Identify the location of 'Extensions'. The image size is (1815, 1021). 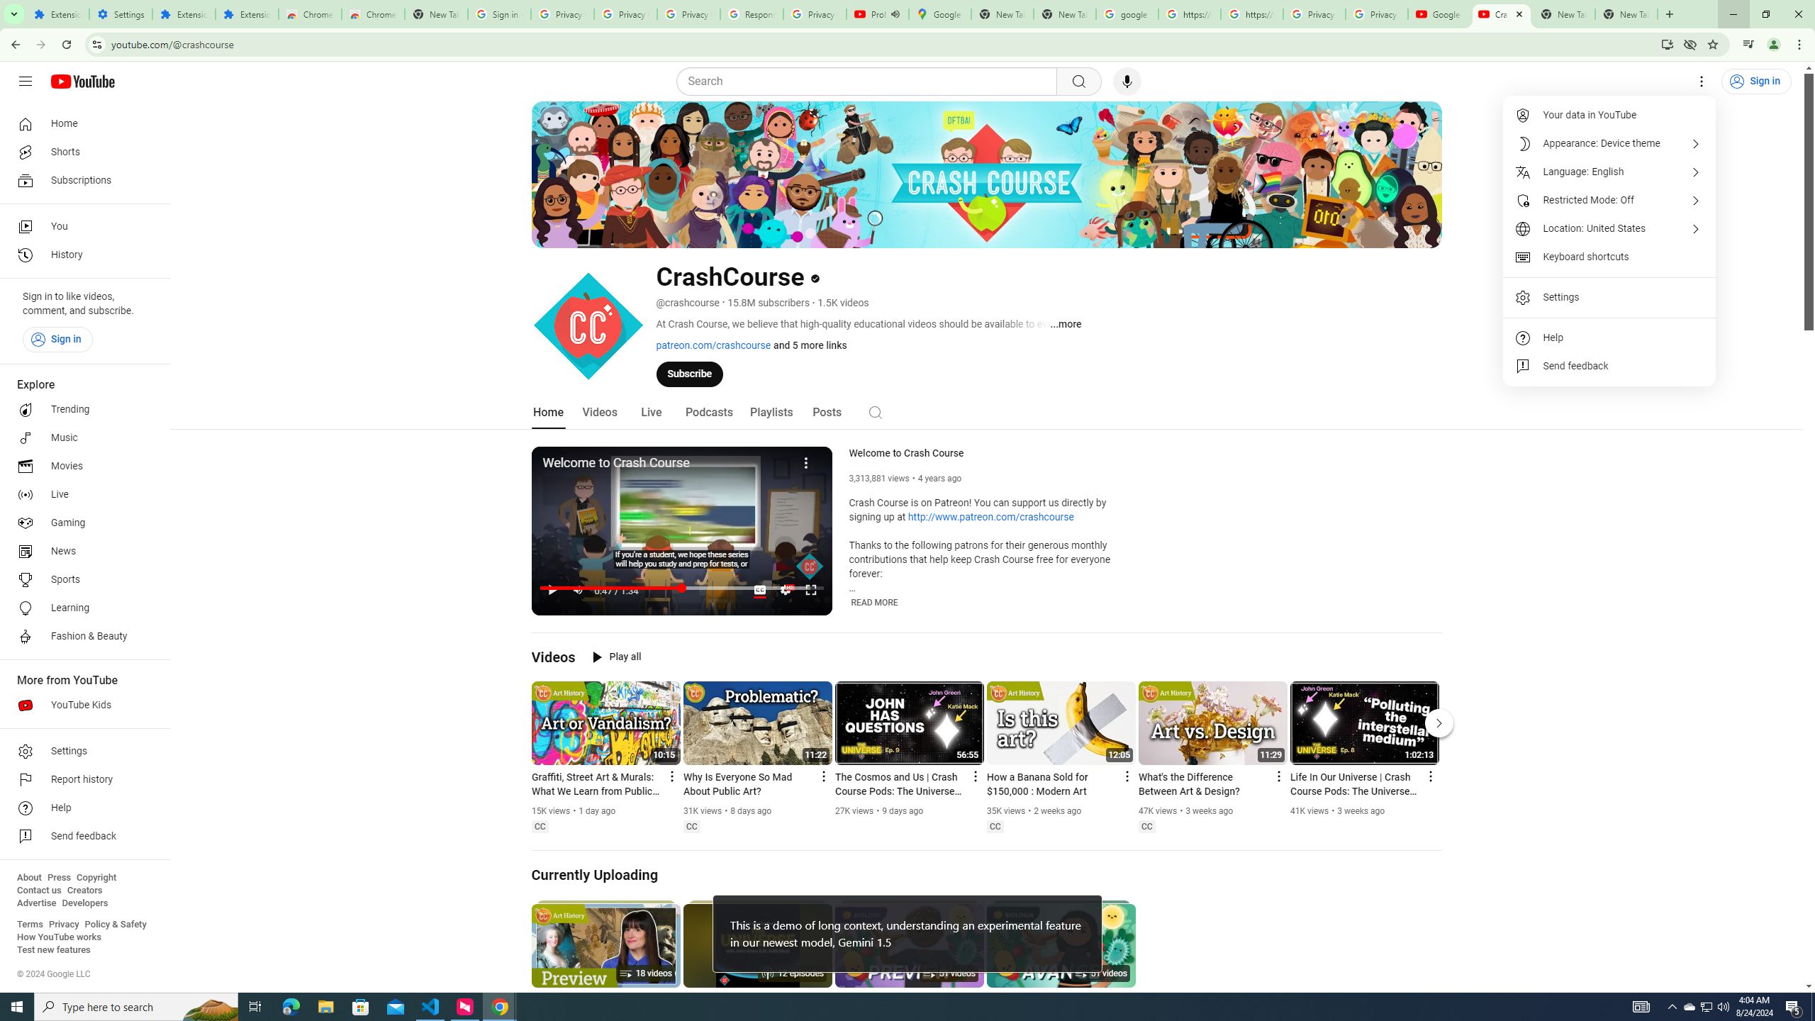
(246, 13).